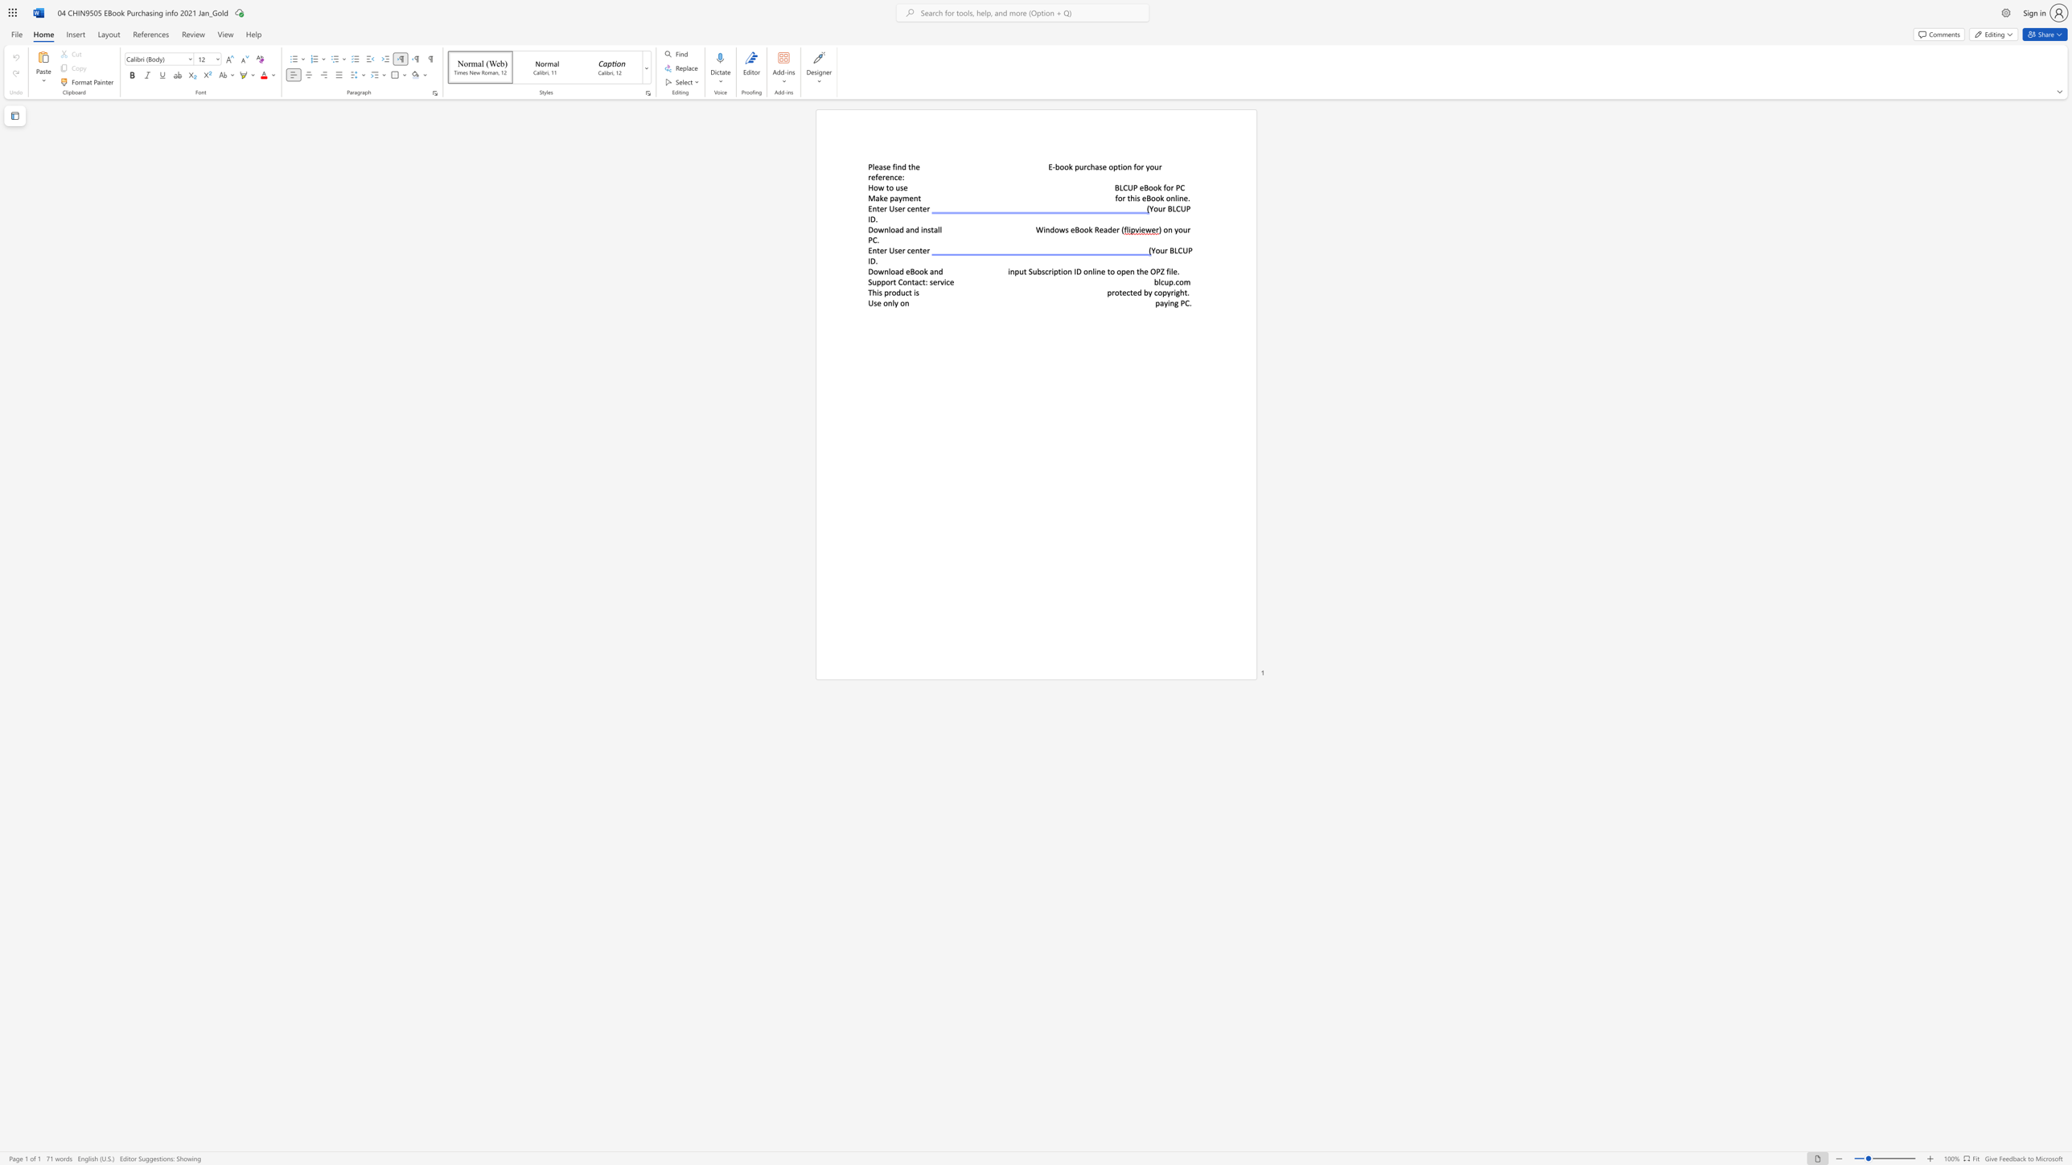  I want to click on the 1th character "H" in the text, so click(869, 187).